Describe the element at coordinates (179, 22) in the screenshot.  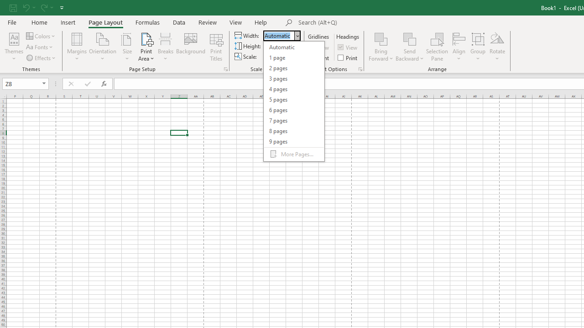
I see `'Data'` at that location.